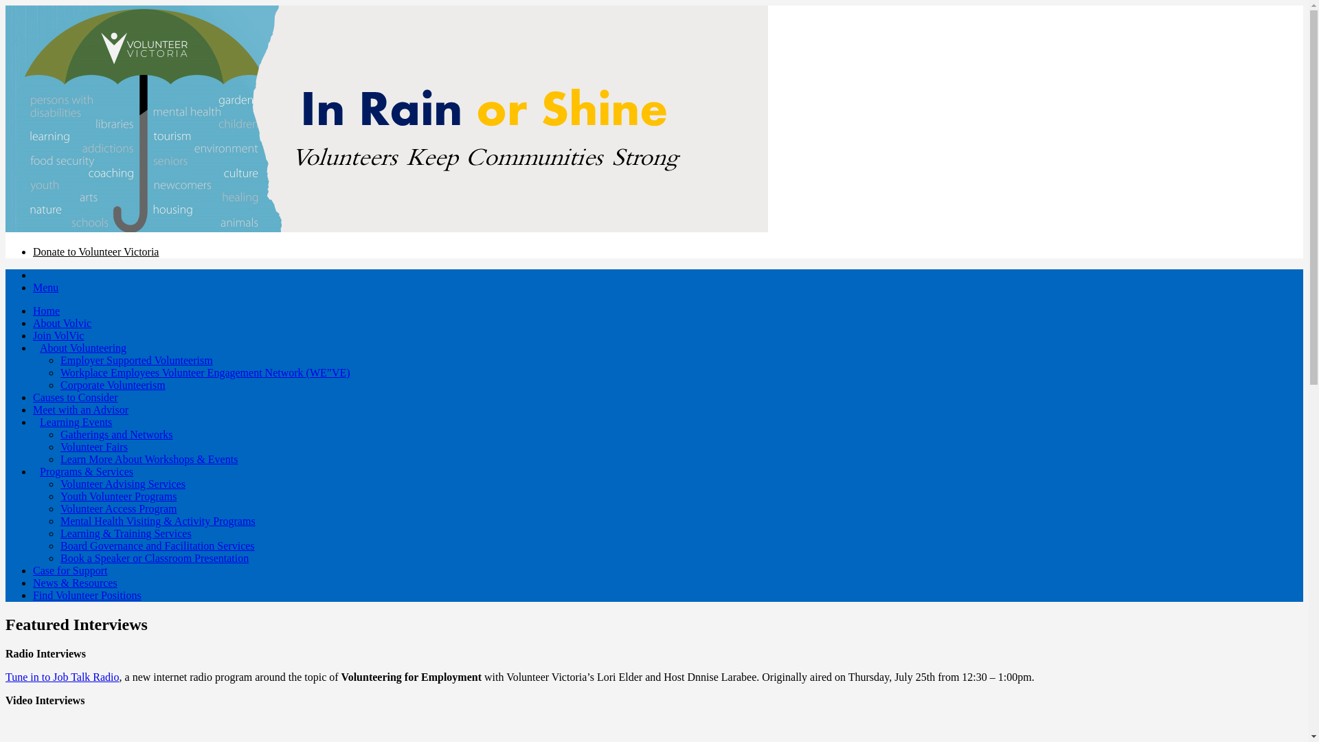 Image resolution: width=1319 pixels, height=742 pixels. What do you see at coordinates (82, 347) in the screenshot?
I see `'About Volunteering'` at bounding box center [82, 347].